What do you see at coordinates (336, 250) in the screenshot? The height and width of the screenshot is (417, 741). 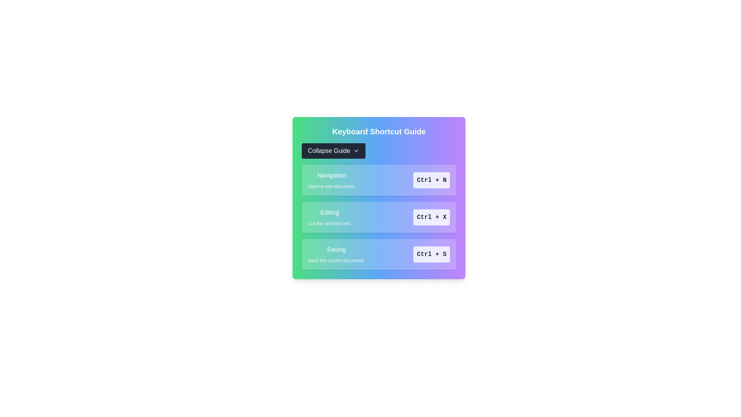 I see `the 'Saving' text label which is displayed in a medium-weight white font within a gradient-colored box transitioning from green to blue, positioned in the lower section of the interface` at bounding box center [336, 250].